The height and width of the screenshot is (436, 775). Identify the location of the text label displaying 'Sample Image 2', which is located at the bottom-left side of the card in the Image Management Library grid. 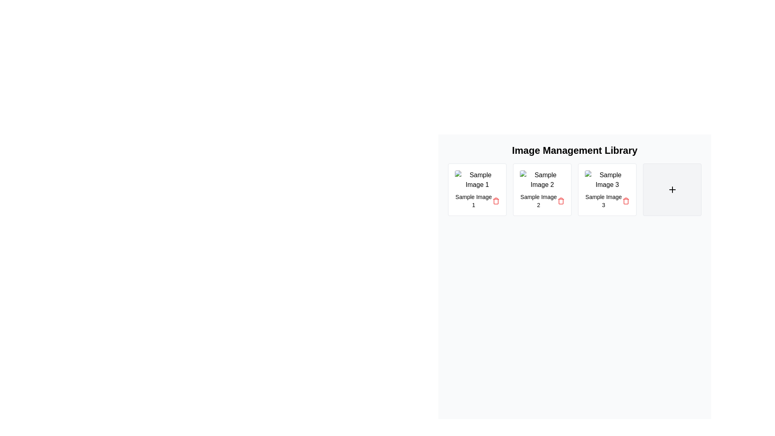
(542, 200).